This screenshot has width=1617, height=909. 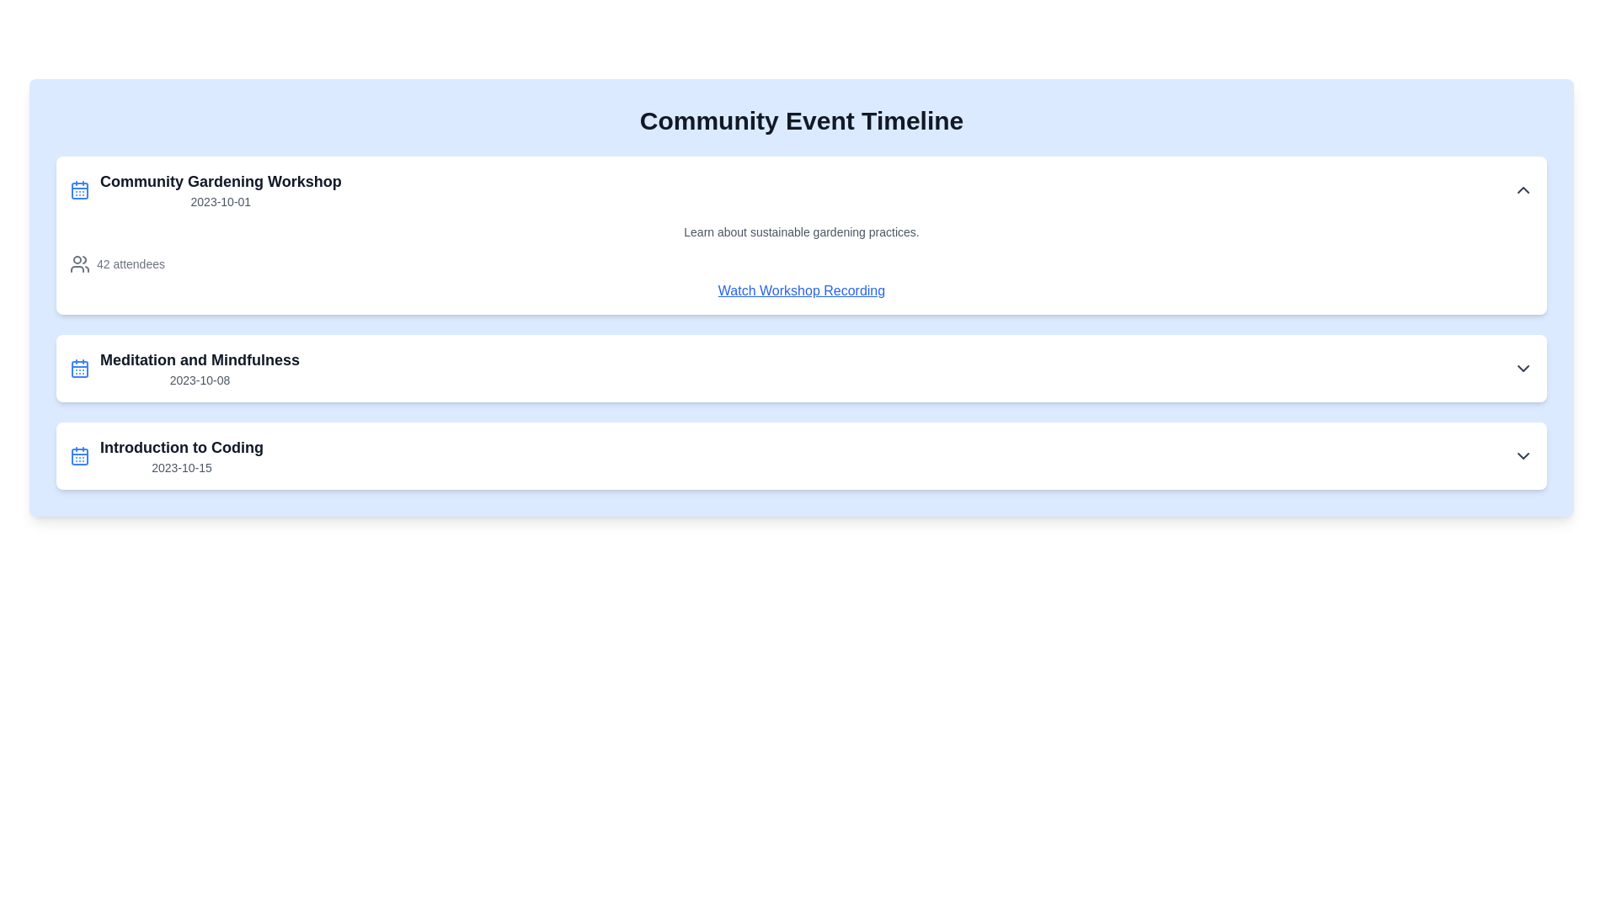 What do you see at coordinates (800, 232) in the screenshot?
I see `the informational text label that describes the workshop topic, positioned above the '42 attendees' text and icon group and below the workshop title` at bounding box center [800, 232].